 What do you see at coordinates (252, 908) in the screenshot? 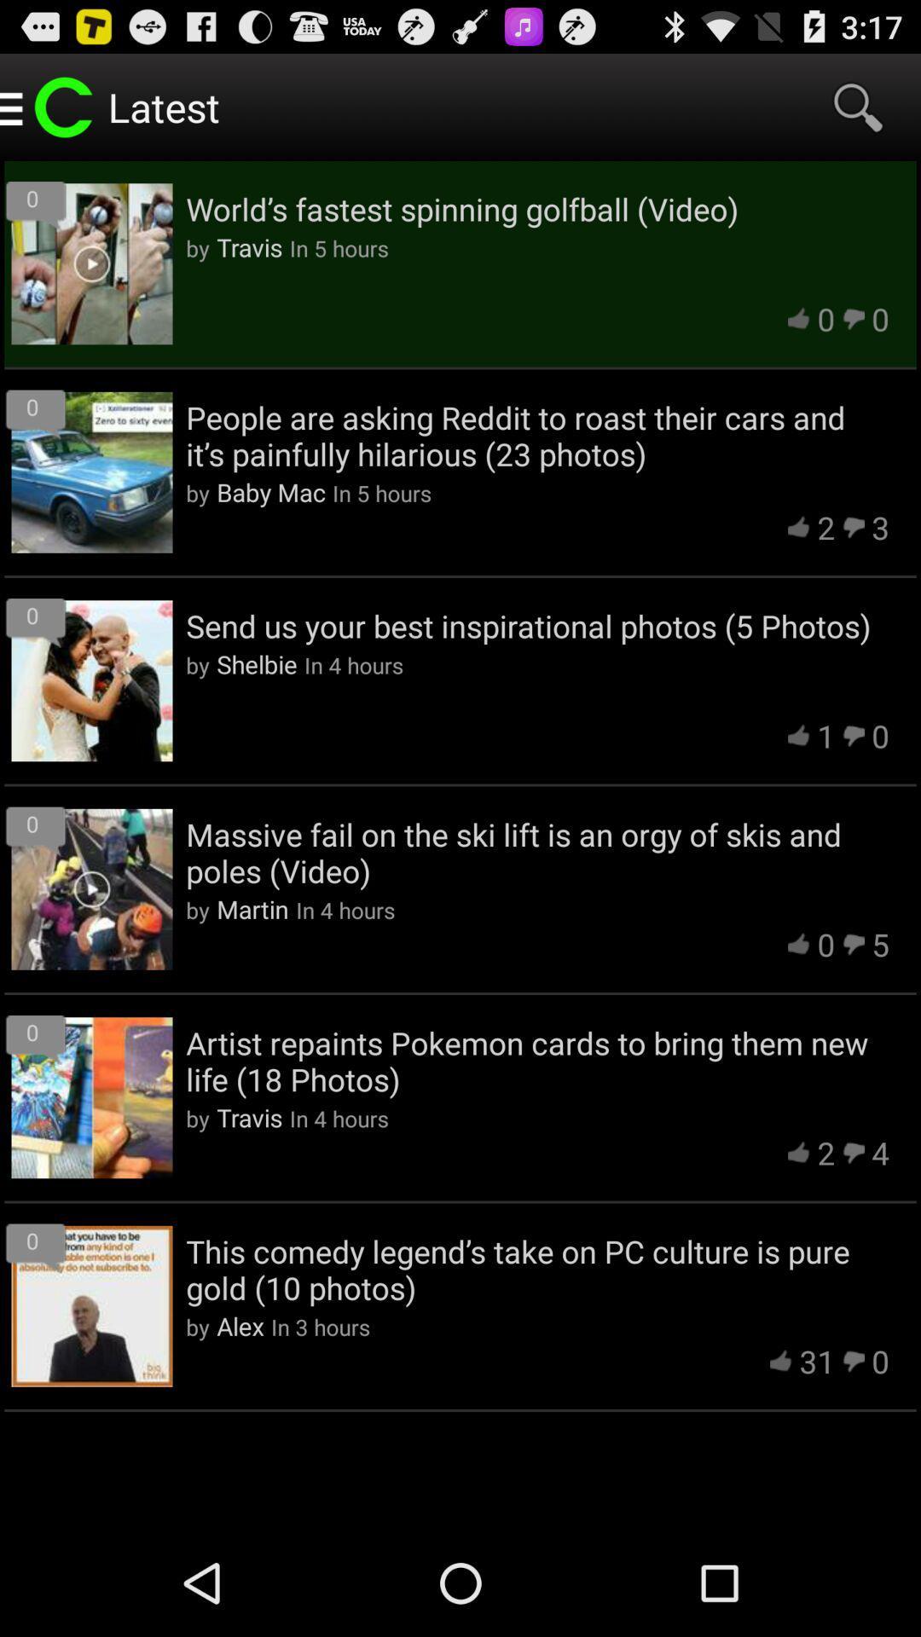
I see `the item next to in 4 hours item` at bounding box center [252, 908].